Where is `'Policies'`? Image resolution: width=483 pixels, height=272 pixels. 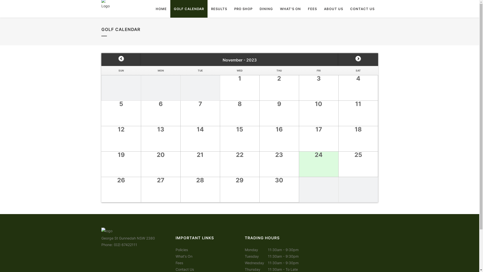 'Policies' is located at coordinates (181, 250).